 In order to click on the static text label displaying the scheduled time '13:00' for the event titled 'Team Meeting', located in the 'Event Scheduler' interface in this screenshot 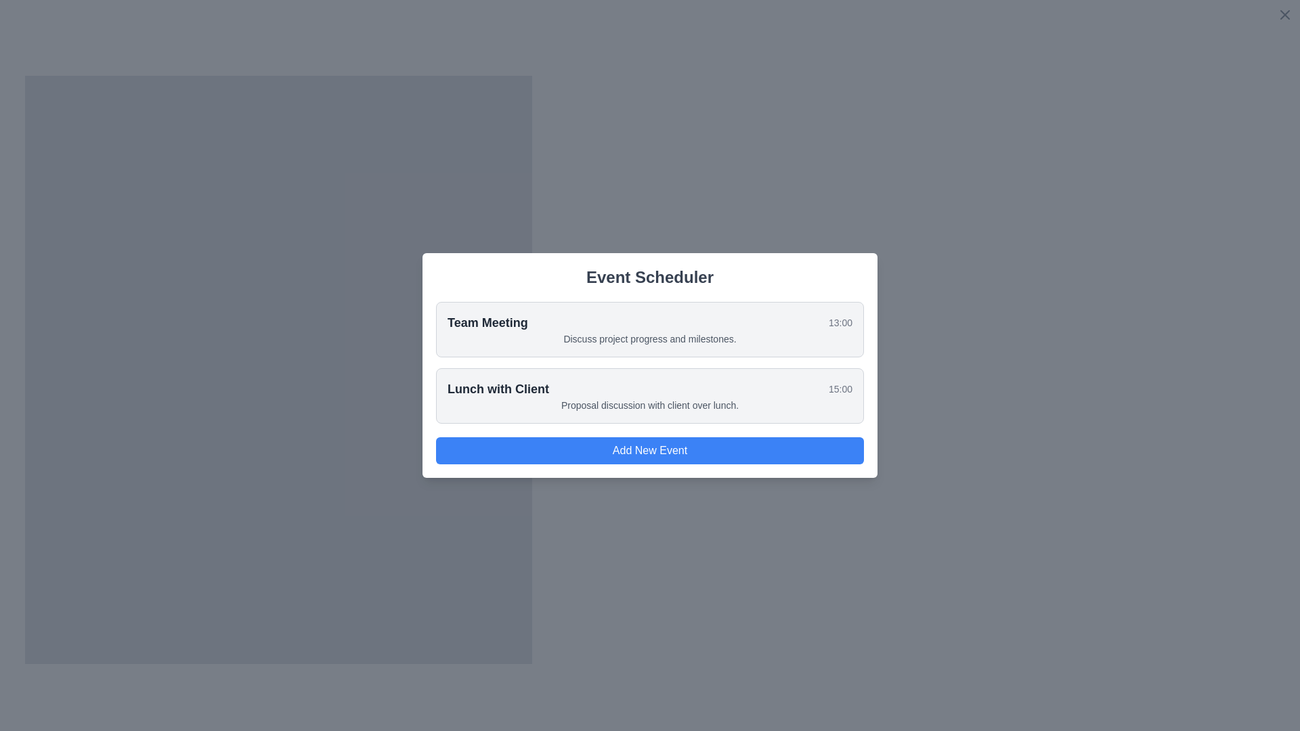, I will do `click(840, 323)`.